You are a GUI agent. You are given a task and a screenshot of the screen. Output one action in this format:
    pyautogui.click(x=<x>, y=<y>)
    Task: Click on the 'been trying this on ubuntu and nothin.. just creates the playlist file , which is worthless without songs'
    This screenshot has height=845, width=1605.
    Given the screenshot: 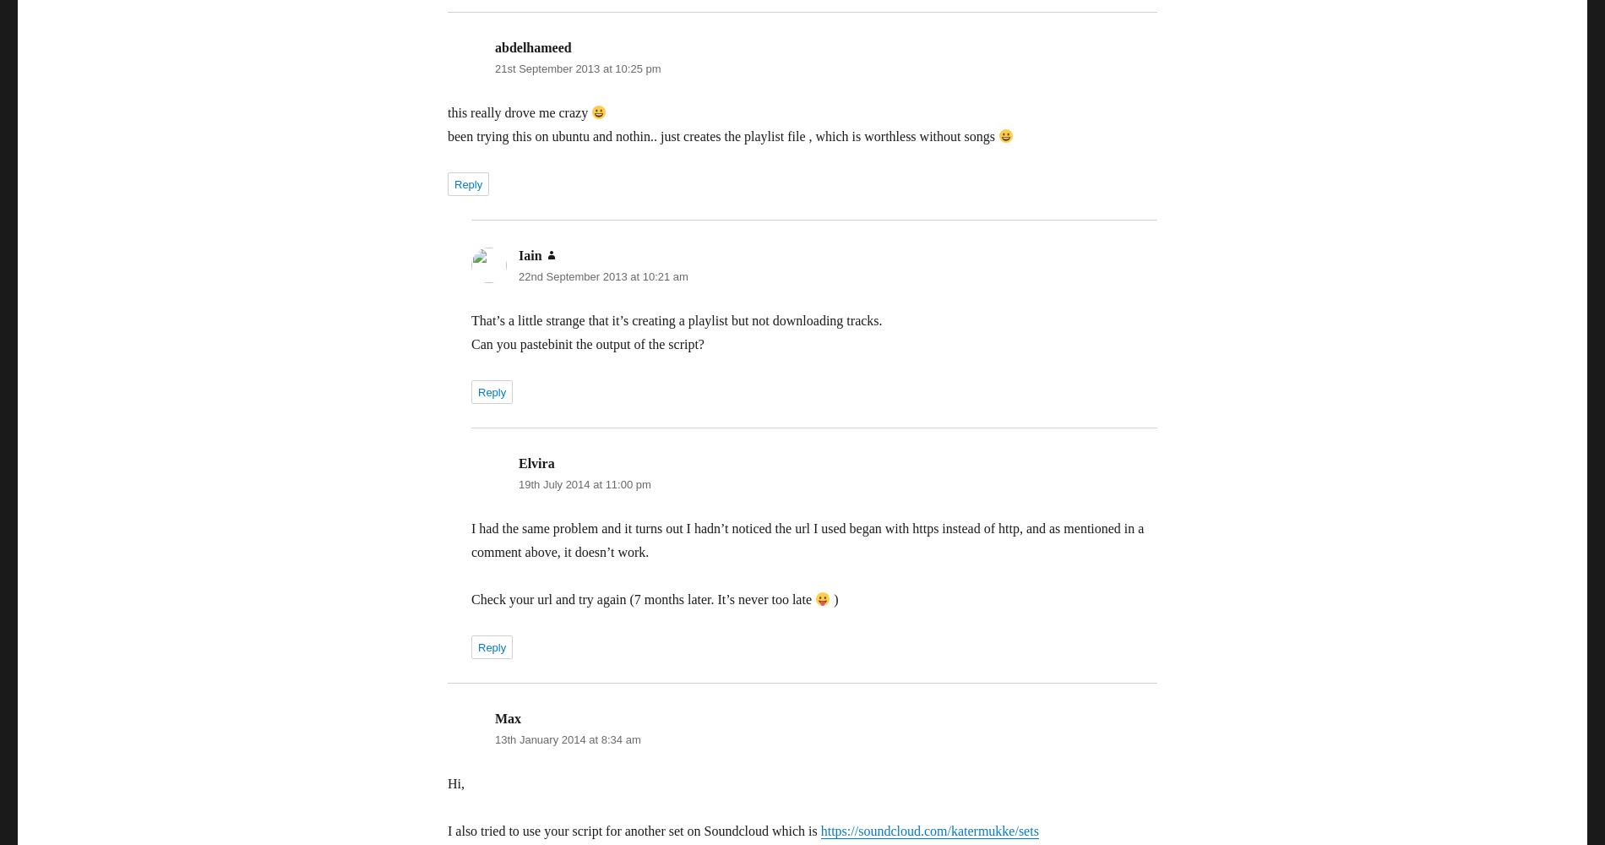 What is the action you would take?
    pyautogui.click(x=721, y=136)
    